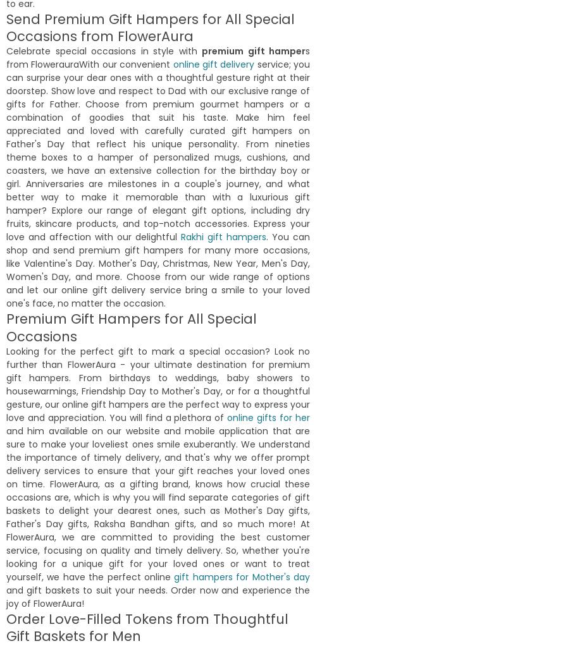 The width and height of the screenshot is (563, 646). Describe the element at coordinates (7, 186) in the screenshot. I see `'Spiritual Dad Caricature With Candle N Ganesha'` at that location.